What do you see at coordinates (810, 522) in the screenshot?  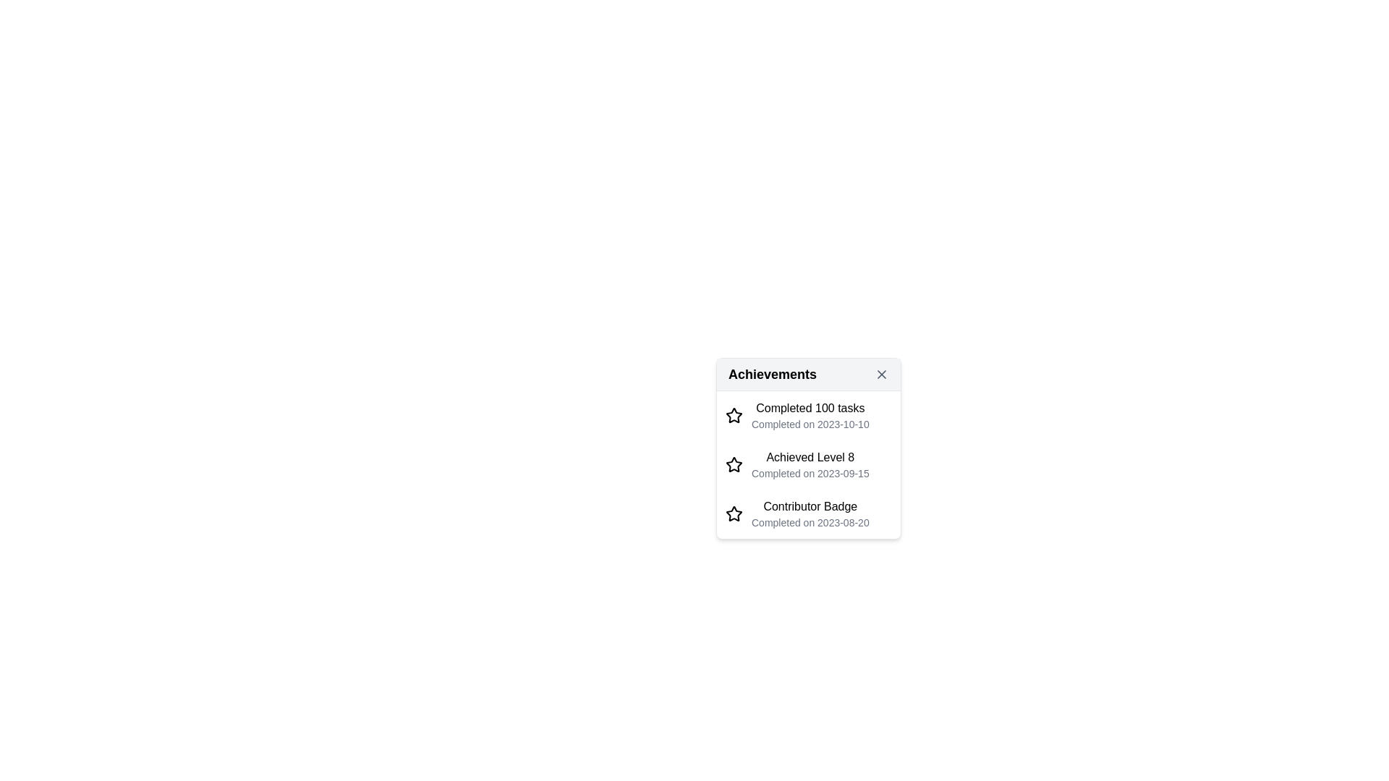 I see `the static text displaying the completion date for the 'Contributor Badge' achievement, which is located in the 'Achievements' modal at the bottom-right corner of the interface` at bounding box center [810, 522].